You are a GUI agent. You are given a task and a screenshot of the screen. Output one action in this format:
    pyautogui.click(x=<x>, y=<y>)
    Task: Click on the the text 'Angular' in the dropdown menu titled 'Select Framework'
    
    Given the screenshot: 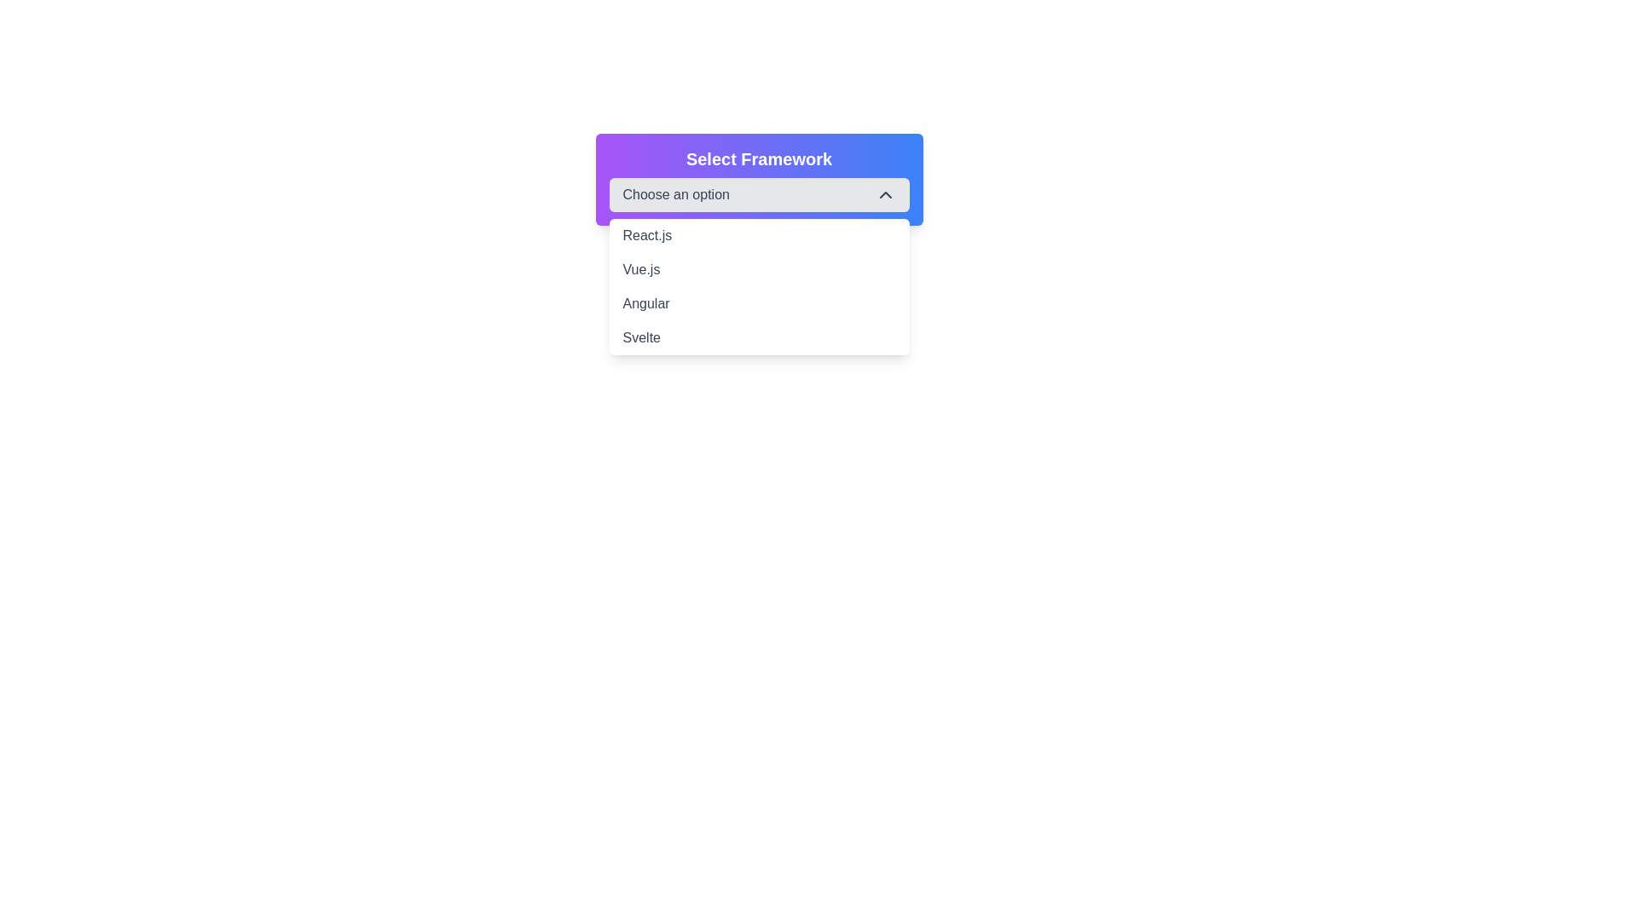 What is the action you would take?
    pyautogui.click(x=645, y=303)
    